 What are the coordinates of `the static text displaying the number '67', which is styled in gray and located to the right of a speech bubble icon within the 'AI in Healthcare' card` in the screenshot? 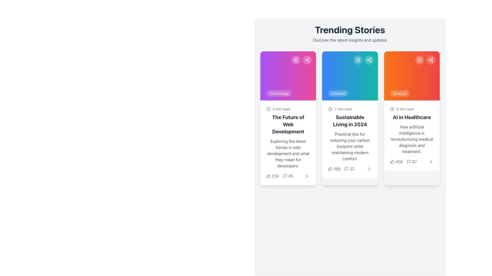 It's located at (414, 162).